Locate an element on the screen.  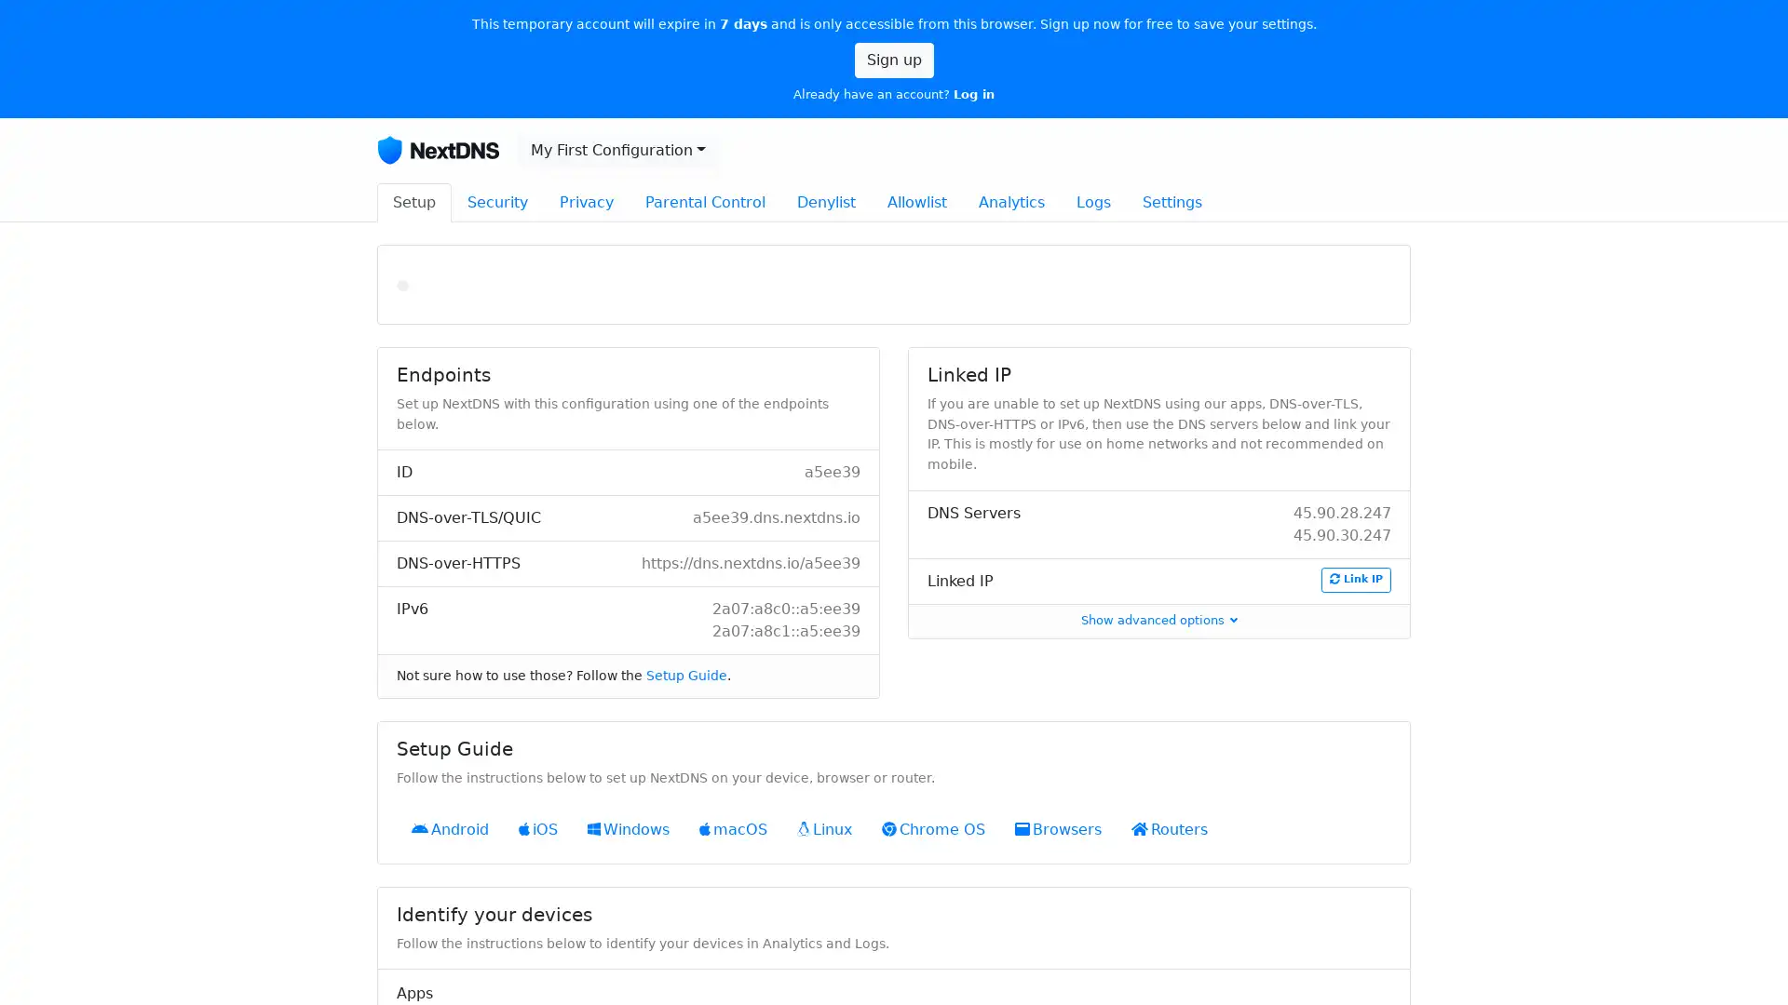
Show advanced options is located at coordinates (1158, 620).